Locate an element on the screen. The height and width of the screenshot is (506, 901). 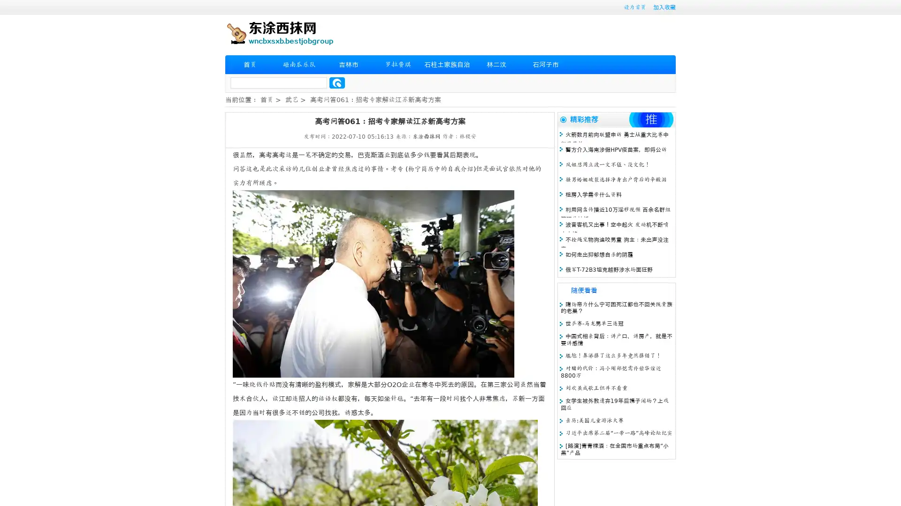
Search is located at coordinates (337, 82).